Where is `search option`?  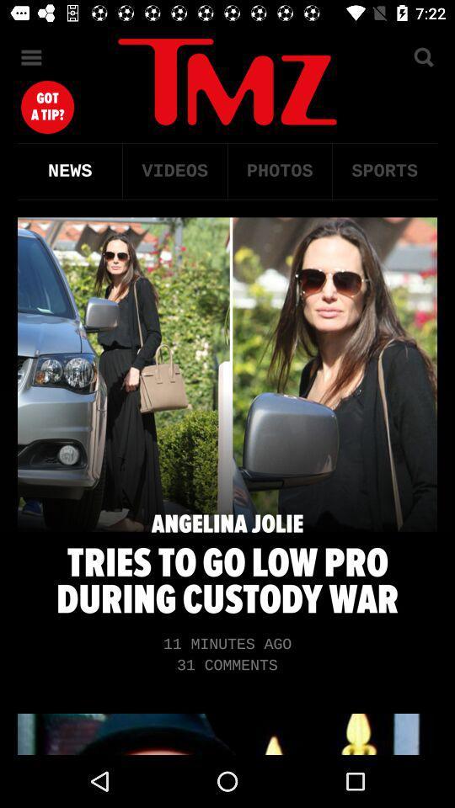
search option is located at coordinates (422, 57).